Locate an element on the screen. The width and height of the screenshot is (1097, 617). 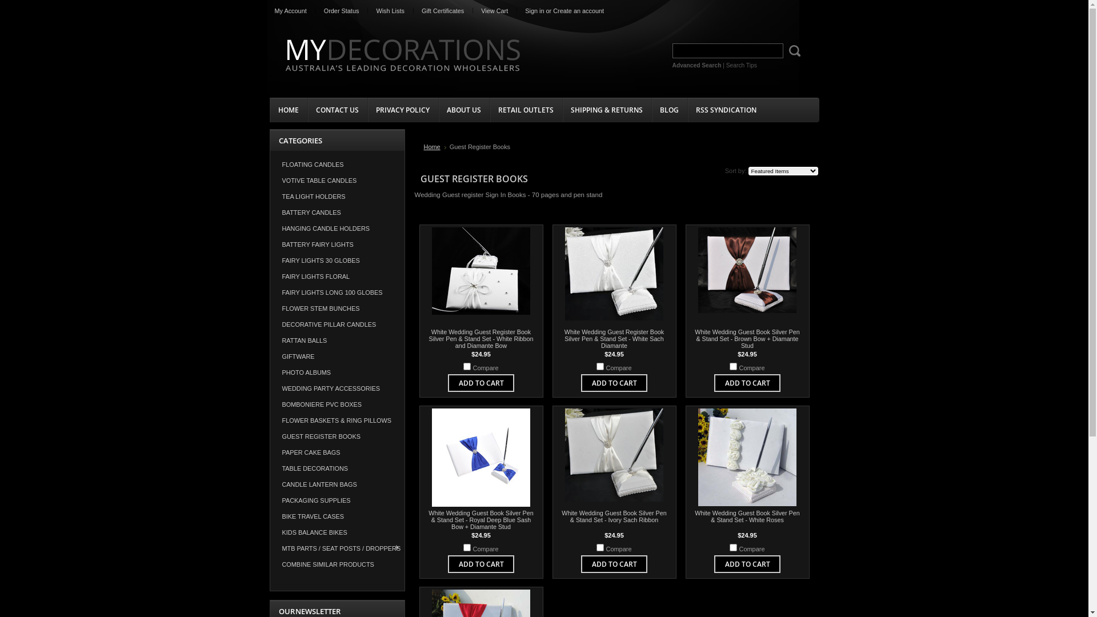
'Search Tips' is located at coordinates (726, 65).